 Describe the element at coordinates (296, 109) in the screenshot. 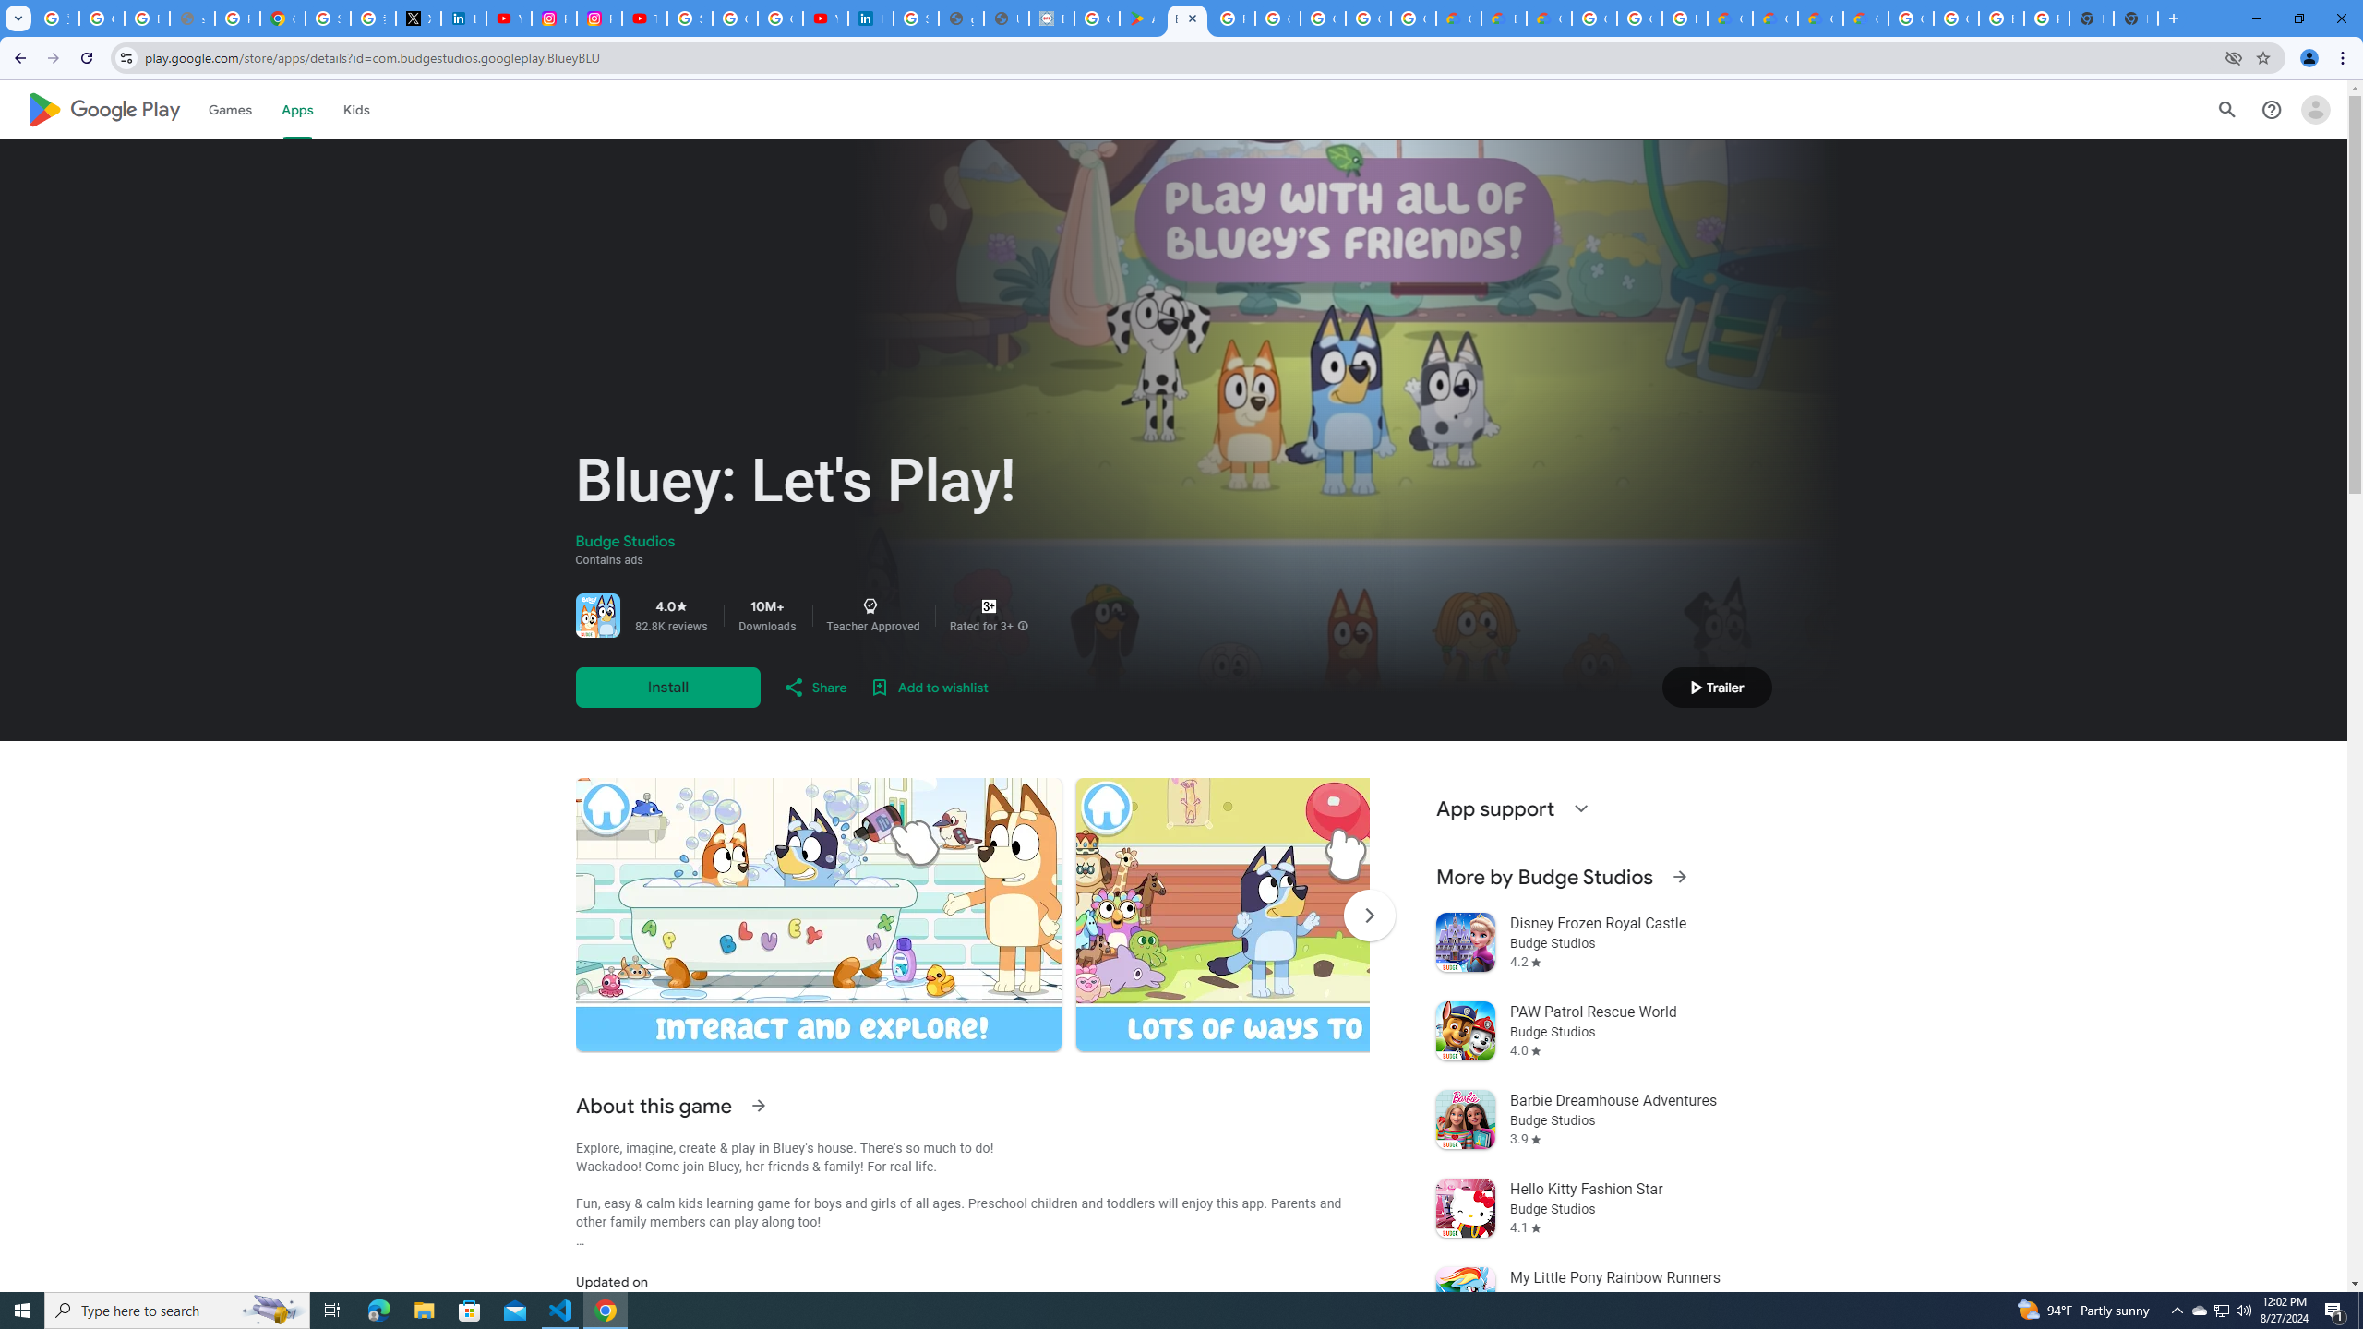

I see `'Apps'` at that location.